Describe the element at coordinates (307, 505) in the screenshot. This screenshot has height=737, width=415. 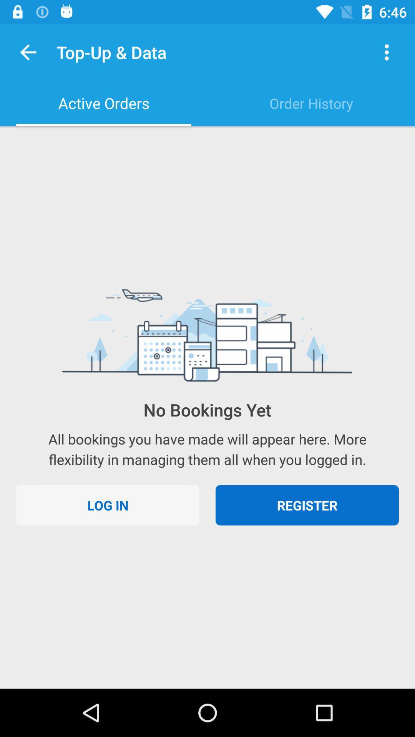
I see `the register at the bottom right corner` at that location.